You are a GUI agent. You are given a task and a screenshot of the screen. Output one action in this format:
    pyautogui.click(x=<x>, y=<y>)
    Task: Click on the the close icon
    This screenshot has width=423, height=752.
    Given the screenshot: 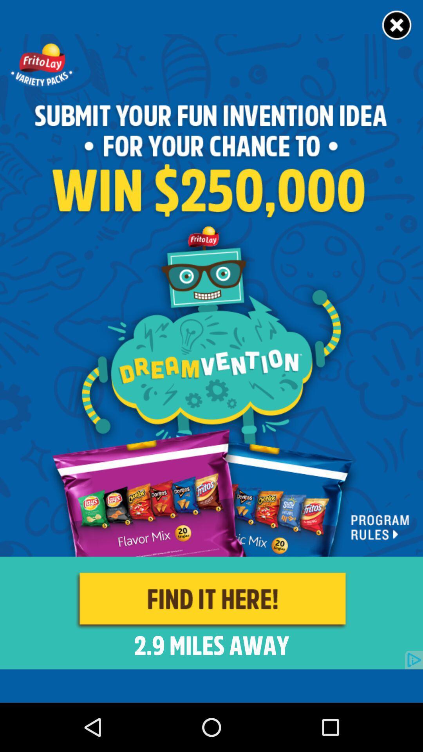 What is the action you would take?
    pyautogui.click(x=397, y=27)
    